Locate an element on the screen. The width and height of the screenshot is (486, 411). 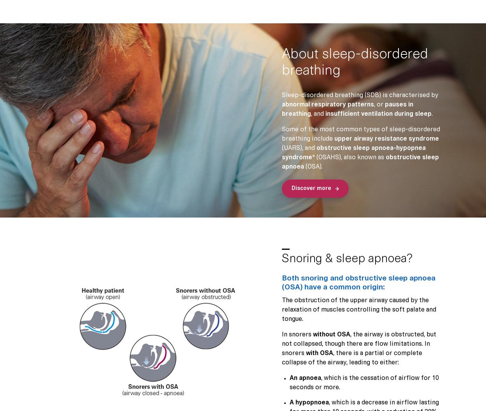
'. Each type has distinctive characteristics that enable diagnosis.' is located at coordinates (180, 223).